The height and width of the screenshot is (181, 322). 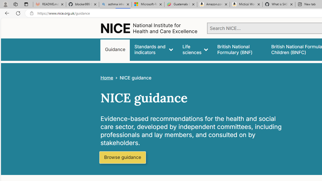 What do you see at coordinates (115, 50) in the screenshot?
I see `'Guidance'` at bounding box center [115, 50].